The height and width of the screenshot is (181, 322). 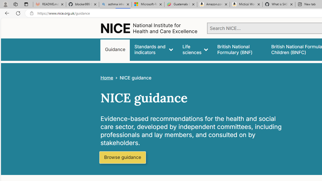 What do you see at coordinates (115, 50) in the screenshot?
I see `'Guidance'` at bounding box center [115, 50].